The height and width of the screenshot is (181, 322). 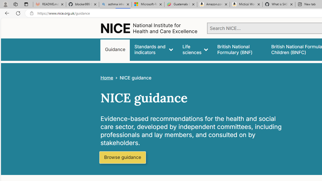 What do you see at coordinates (115, 50) in the screenshot?
I see `'Guidance'` at bounding box center [115, 50].